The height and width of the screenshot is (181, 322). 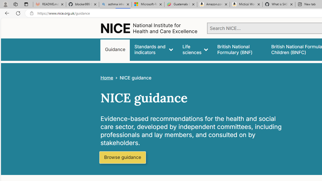 What do you see at coordinates (115, 50) in the screenshot?
I see `'Guidance'` at bounding box center [115, 50].